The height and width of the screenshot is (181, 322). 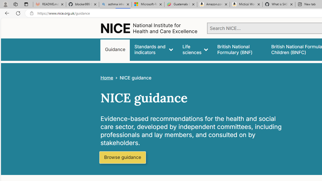 What do you see at coordinates (115, 50) in the screenshot?
I see `'Guidance'` at bounding box center [115, 50].